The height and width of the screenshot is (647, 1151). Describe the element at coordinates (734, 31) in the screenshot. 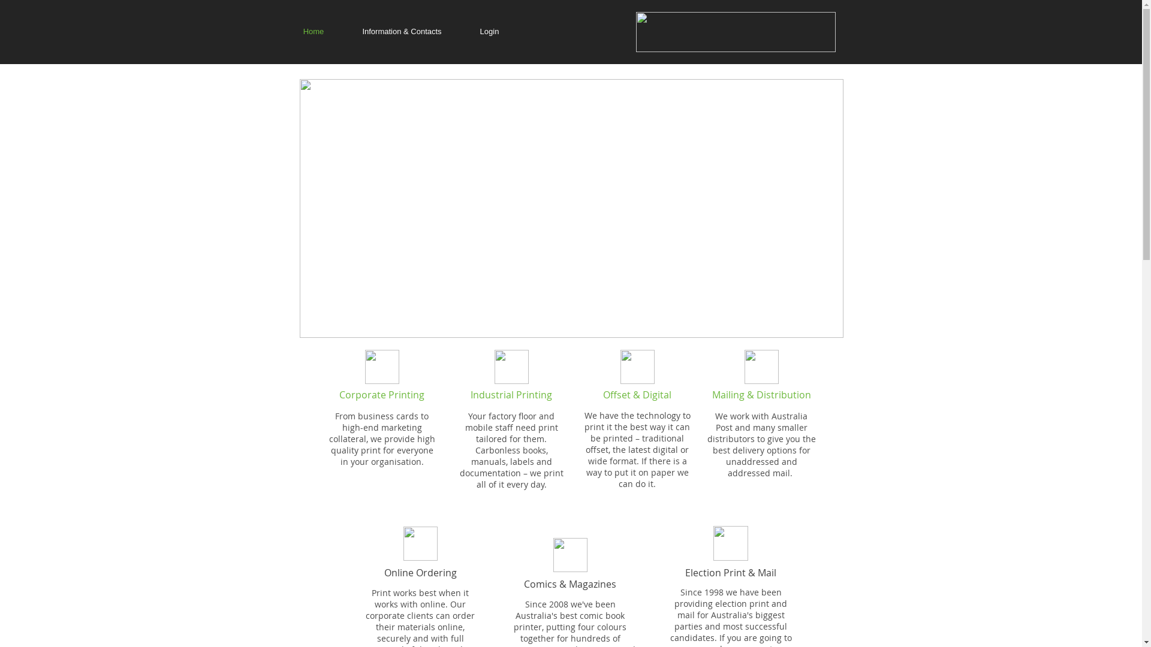

I see `'JPS-LOGO-2015-1.png'` at that location.